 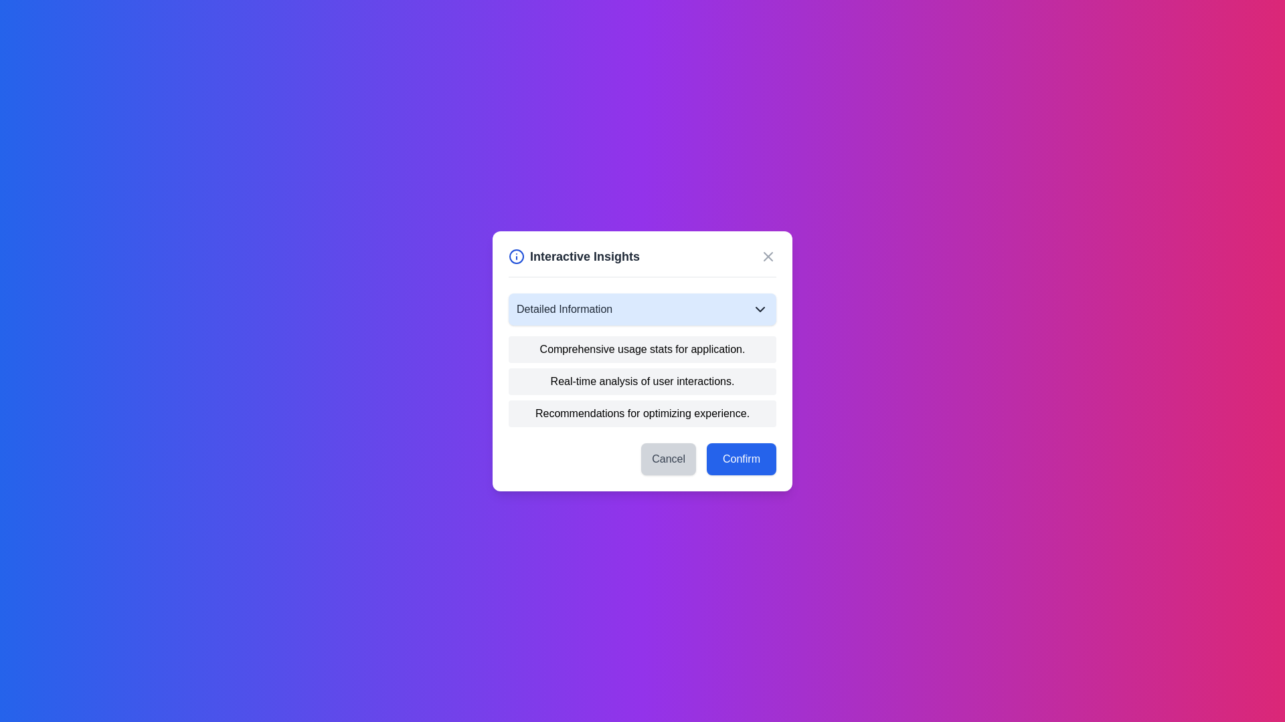 What do you see at coordinates (768, 256) in the screenshot?
I see `the close button represented by a small 'X' icon in the top-right corner of the 'Interactive Insights' modal dialog` at bounding box center [768, 256].